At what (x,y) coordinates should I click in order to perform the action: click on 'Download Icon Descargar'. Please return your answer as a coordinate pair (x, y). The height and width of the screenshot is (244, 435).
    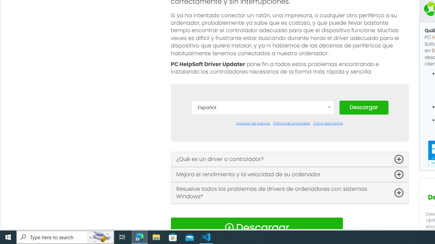
    Looking at the image, I should click on (256, 227).